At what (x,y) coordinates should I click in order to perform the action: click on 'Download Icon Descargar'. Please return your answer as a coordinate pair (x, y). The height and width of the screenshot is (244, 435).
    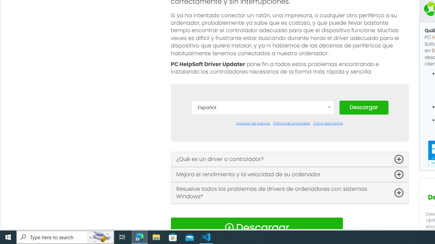
    Looking at the image, I should click on (256, 227).